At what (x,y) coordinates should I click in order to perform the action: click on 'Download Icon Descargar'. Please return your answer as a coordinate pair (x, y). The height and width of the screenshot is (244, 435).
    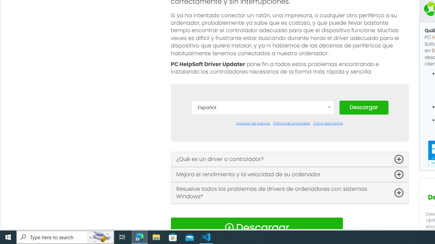
    Looking at the image, I should click on (256, 227).